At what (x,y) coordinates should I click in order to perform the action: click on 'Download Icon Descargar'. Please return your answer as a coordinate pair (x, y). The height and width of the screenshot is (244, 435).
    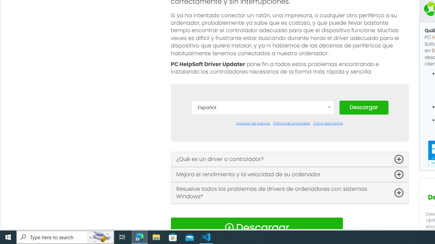
    Looking at the image, I should click on (256, 227).